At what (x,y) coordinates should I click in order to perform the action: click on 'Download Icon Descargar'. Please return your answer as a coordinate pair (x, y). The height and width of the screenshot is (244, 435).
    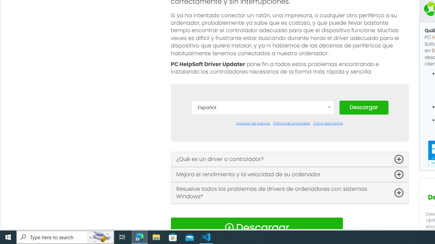
    Looking at the image, I should click on (256, 227).